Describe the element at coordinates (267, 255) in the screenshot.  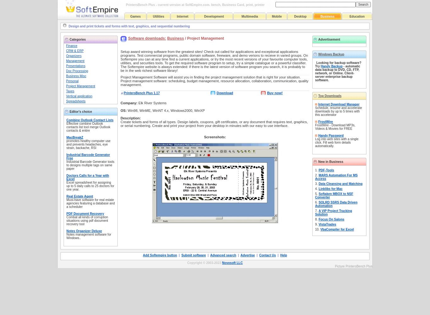
I see `'Contact Us'` at that location.